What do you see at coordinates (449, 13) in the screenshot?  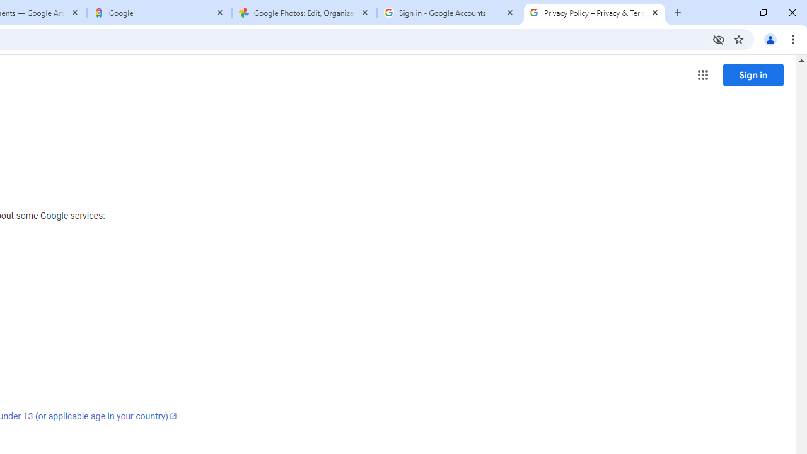 I see `'Sign in - Google Accounts'` at bounding box center [449, 13].